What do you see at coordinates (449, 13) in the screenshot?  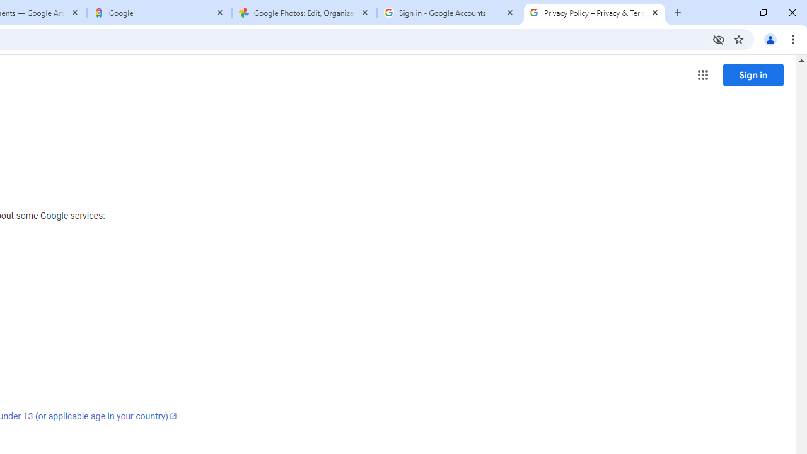 I see `'Sign in - Google Accounts'` at bounding box center [449, 13].